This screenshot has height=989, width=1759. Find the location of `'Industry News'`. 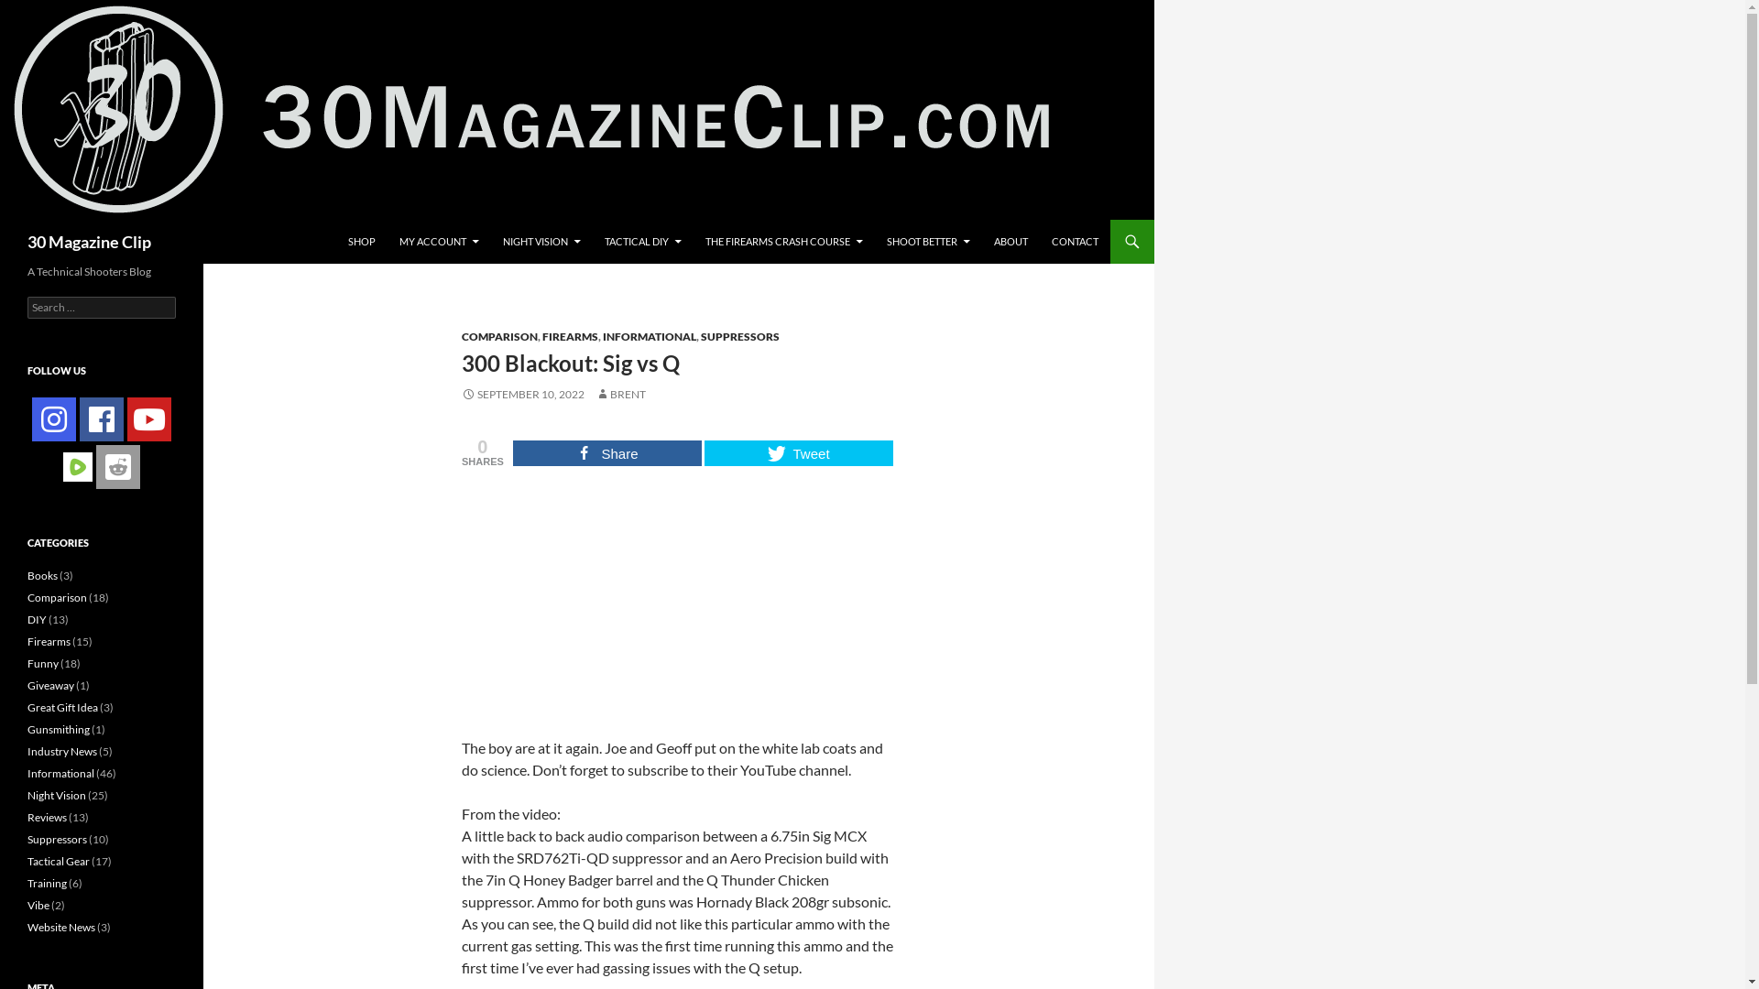

'Industry News' is located at coordinates (61, 751).